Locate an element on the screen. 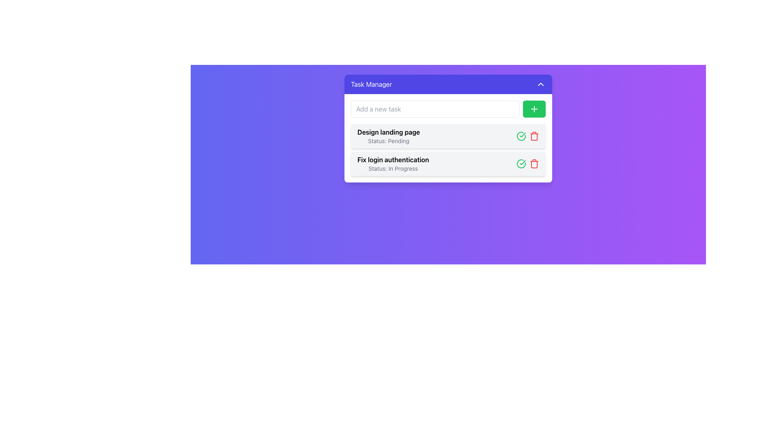 The width and height of the screenshot is (779, 438). the completion icon located on the far right of the 'Fix login authentication' task row is located at coordinates (523, 134).